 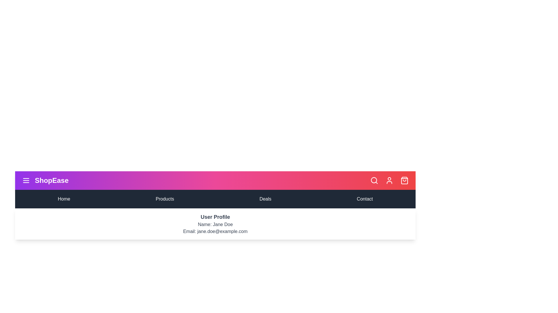 I want to click on the menu item Contact to navigate to the corresponding section, so click(x=364, y=199).